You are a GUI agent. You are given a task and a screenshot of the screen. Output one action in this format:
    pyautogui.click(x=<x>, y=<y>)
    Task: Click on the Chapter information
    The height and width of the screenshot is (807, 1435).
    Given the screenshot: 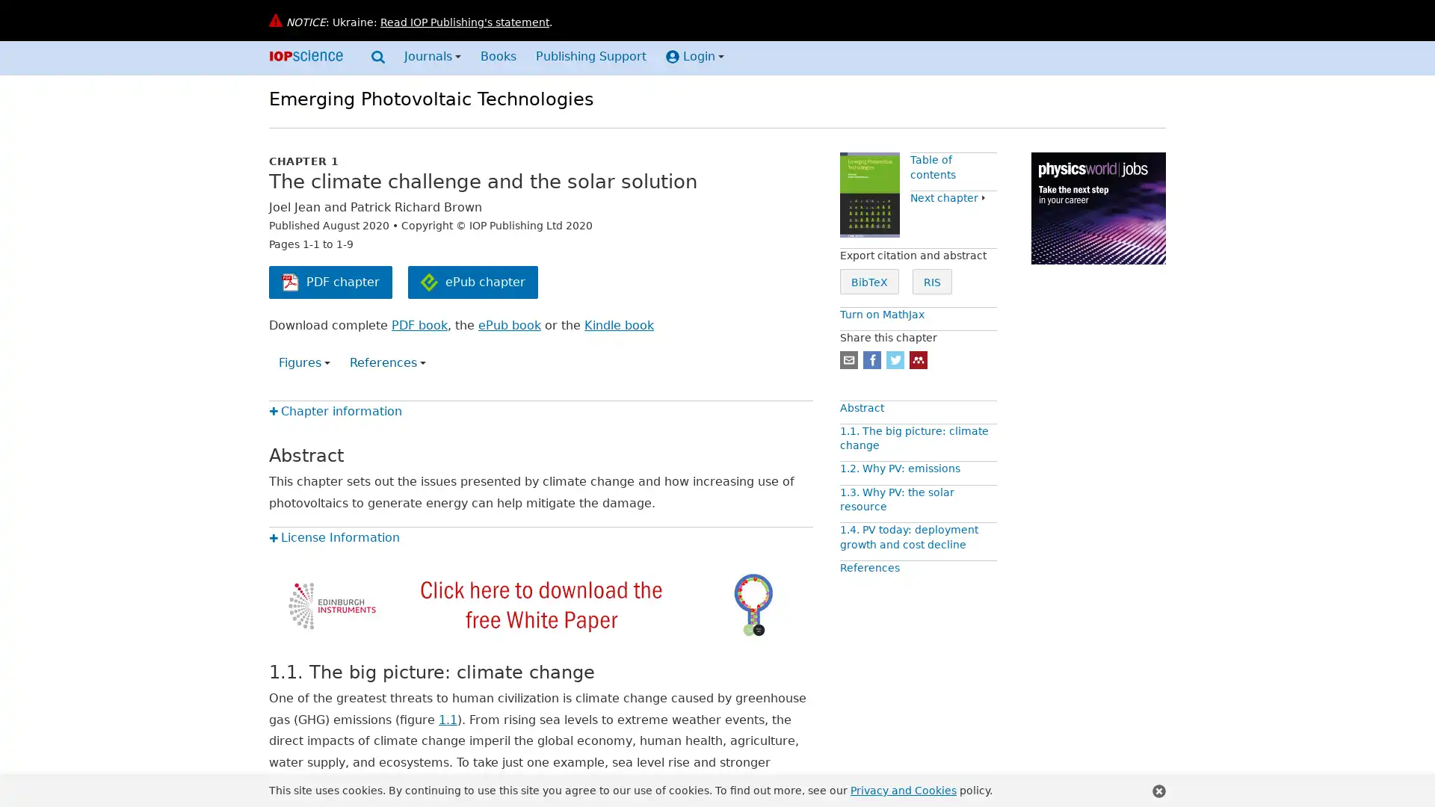 What is the action you would take?
    pyautogui.click(x=335, y=410)
    